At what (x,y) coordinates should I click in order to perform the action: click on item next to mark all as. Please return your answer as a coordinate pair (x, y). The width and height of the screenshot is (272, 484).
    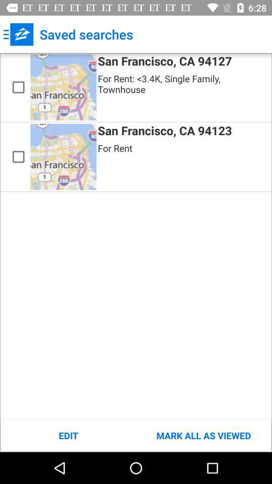
    Looking at the image, I should click on (68, 435).